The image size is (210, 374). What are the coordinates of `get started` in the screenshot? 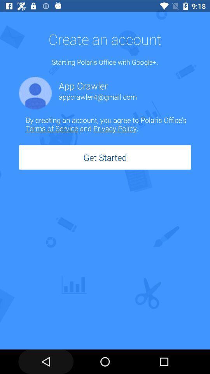 It's located at (105, 157).